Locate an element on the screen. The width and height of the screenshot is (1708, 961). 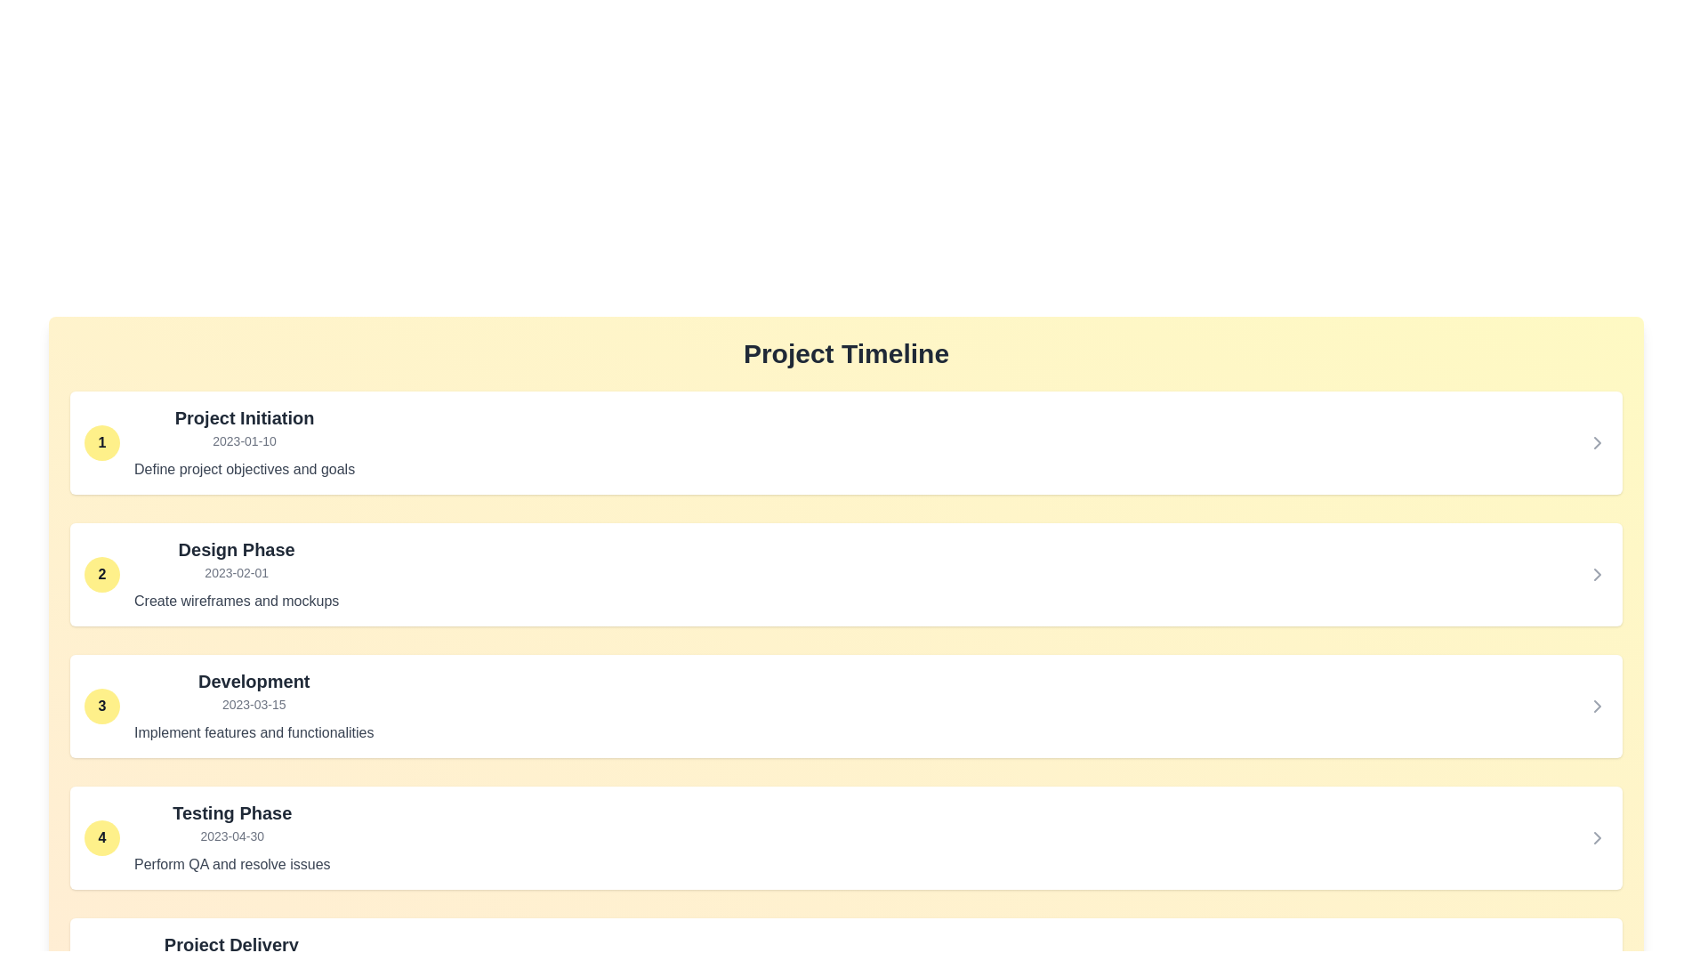
small gray text label displaying the date '2023-01-10' located between the title 'Project Initiation' and the description text is located at coordinates (244, 440).